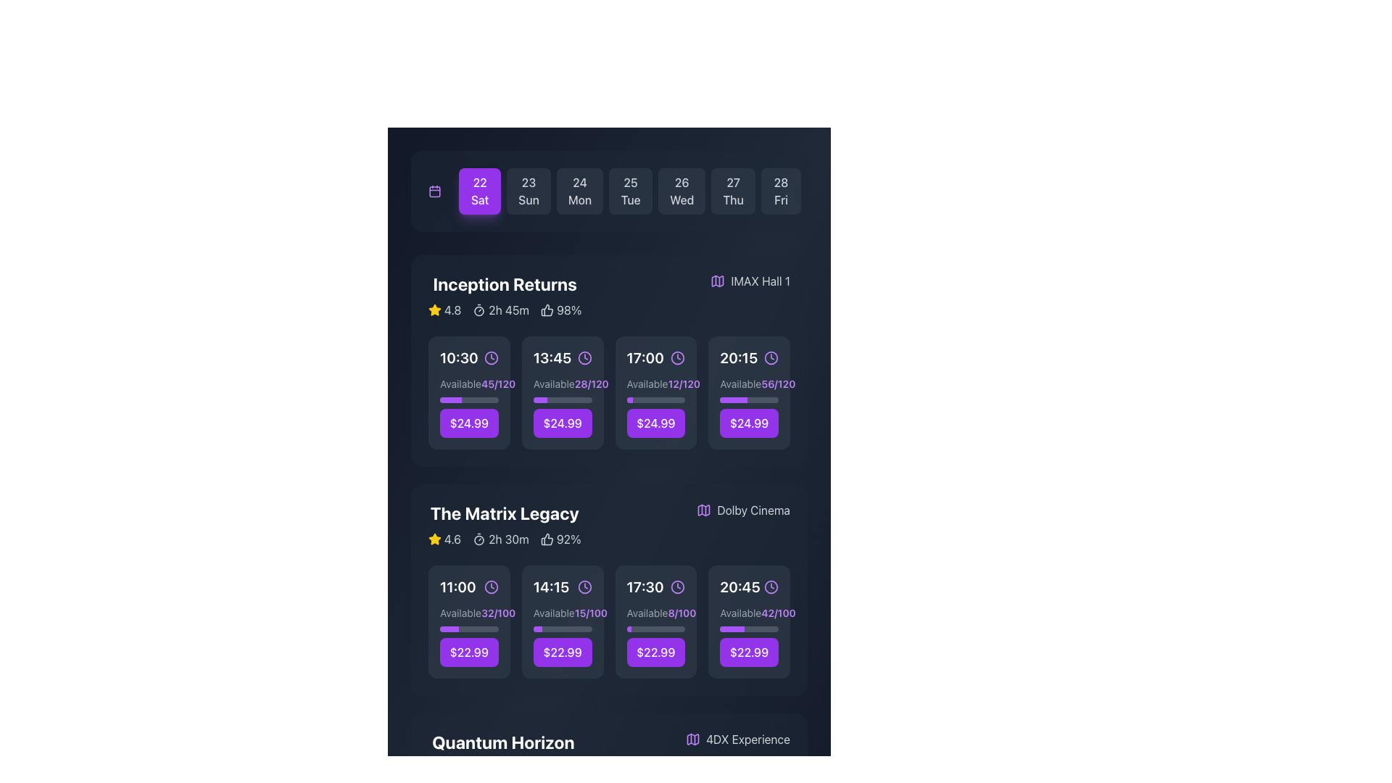 The image size is (1392, 783). What do you see at coordinates (681, 613) in the screenshot?
I see `the availability status label for the 17:30 time slot in 'The Matrix Legacy' section, which shows the fraction or count of available seats or resources out of the total` at bounding box center [681, 613].